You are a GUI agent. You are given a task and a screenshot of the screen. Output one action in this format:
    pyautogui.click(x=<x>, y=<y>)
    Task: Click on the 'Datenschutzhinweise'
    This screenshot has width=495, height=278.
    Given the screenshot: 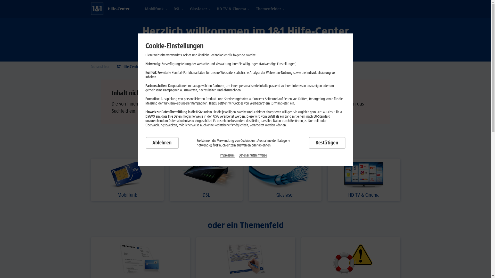 What is the action you would take?
    pyautogui.click(x=253, y=155)
    